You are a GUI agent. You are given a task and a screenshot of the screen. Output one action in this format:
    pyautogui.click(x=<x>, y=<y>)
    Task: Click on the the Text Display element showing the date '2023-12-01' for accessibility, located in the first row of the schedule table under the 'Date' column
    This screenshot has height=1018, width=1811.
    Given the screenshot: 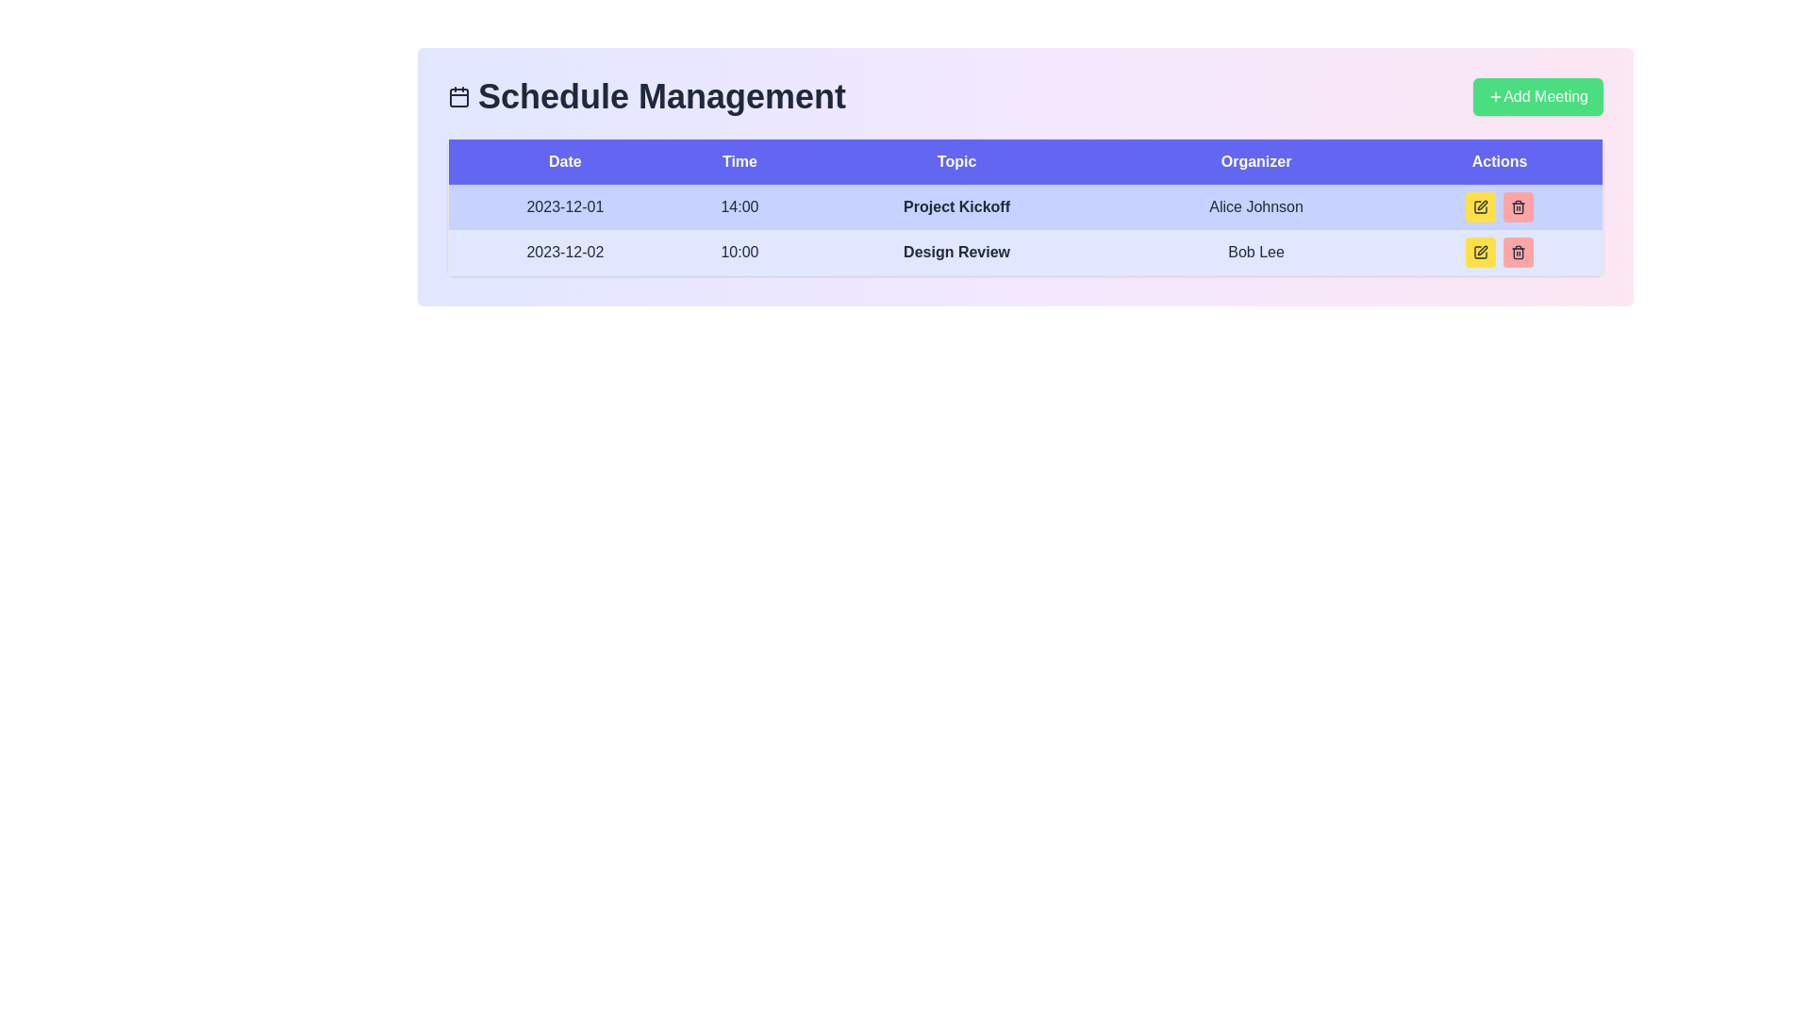 What is the action you would take?
    pyautogui.click(x=564, y=206)
    